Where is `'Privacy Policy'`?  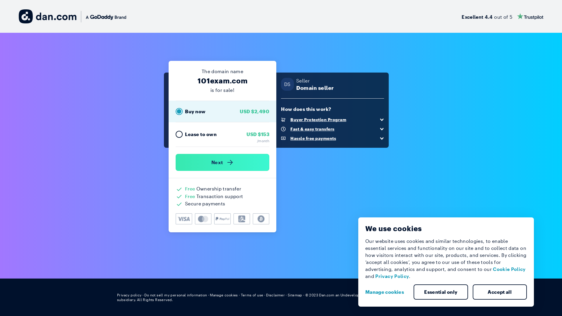 'Privacy Policy' is located at coordinates (392, 276).